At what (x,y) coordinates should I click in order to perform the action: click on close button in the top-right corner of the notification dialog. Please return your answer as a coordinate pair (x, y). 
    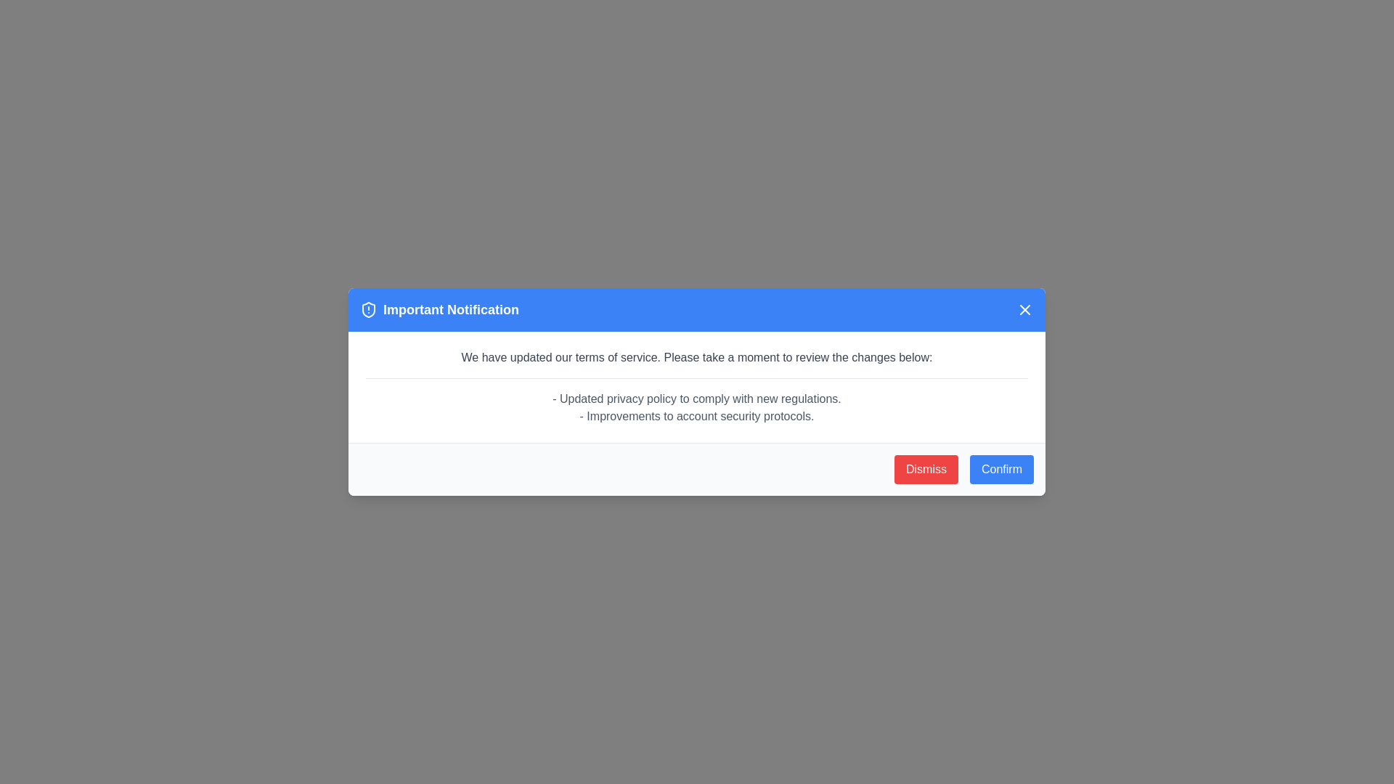
    Looking at the image, I should click on (1024, 309).